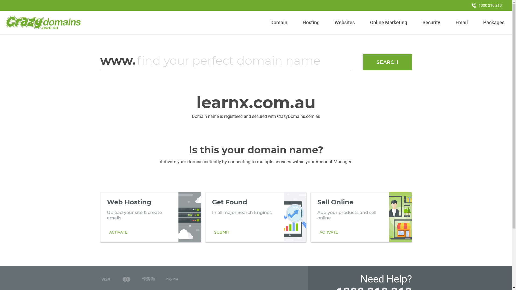 This screenshot has width=516, height=290. I want to click on '1300 210 210', so click(486, 5).